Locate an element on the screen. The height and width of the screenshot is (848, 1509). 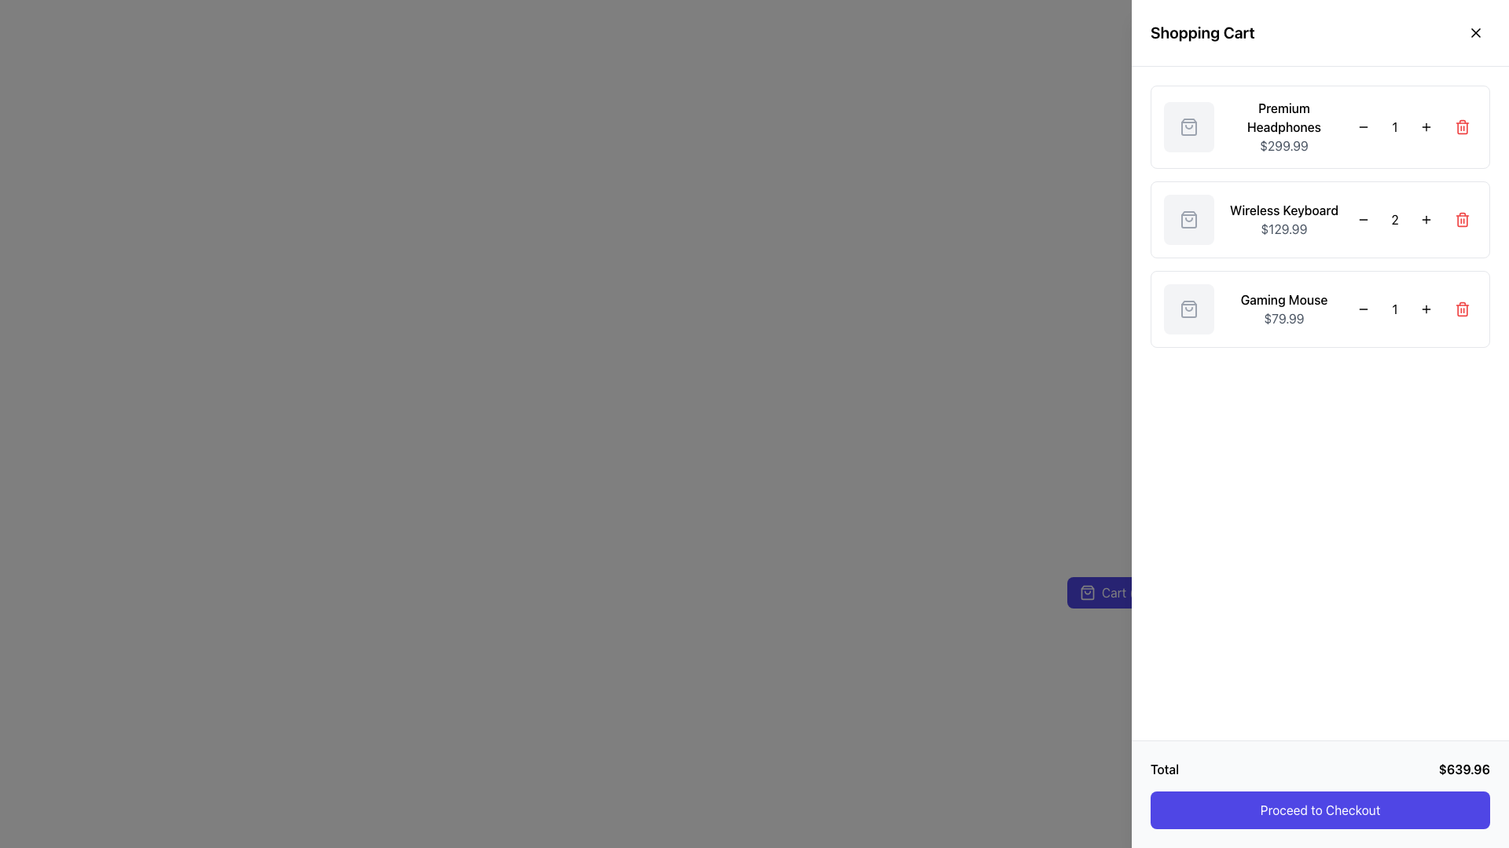
the delete icon button for the 'Wireless Keyboard' in the shopping cart is located at coordinates (1462, 220).